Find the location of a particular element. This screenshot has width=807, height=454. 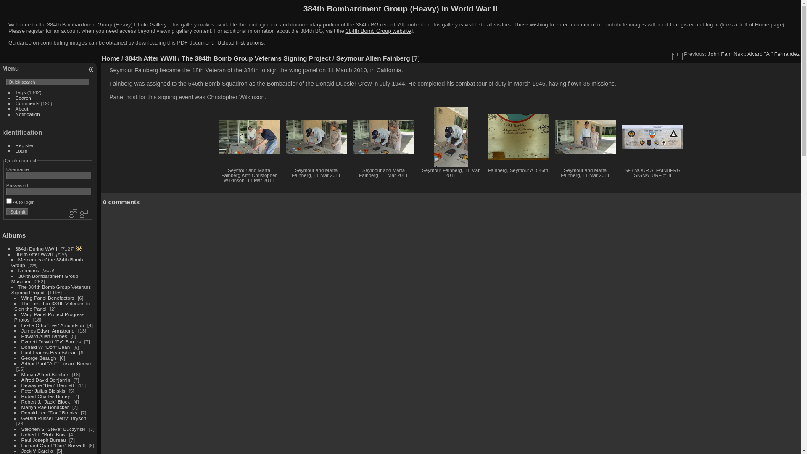

'Seymour  and Marta Fainberg, 11 Mar 2011 (1361 visits)' is located at coordinates (286, 136).